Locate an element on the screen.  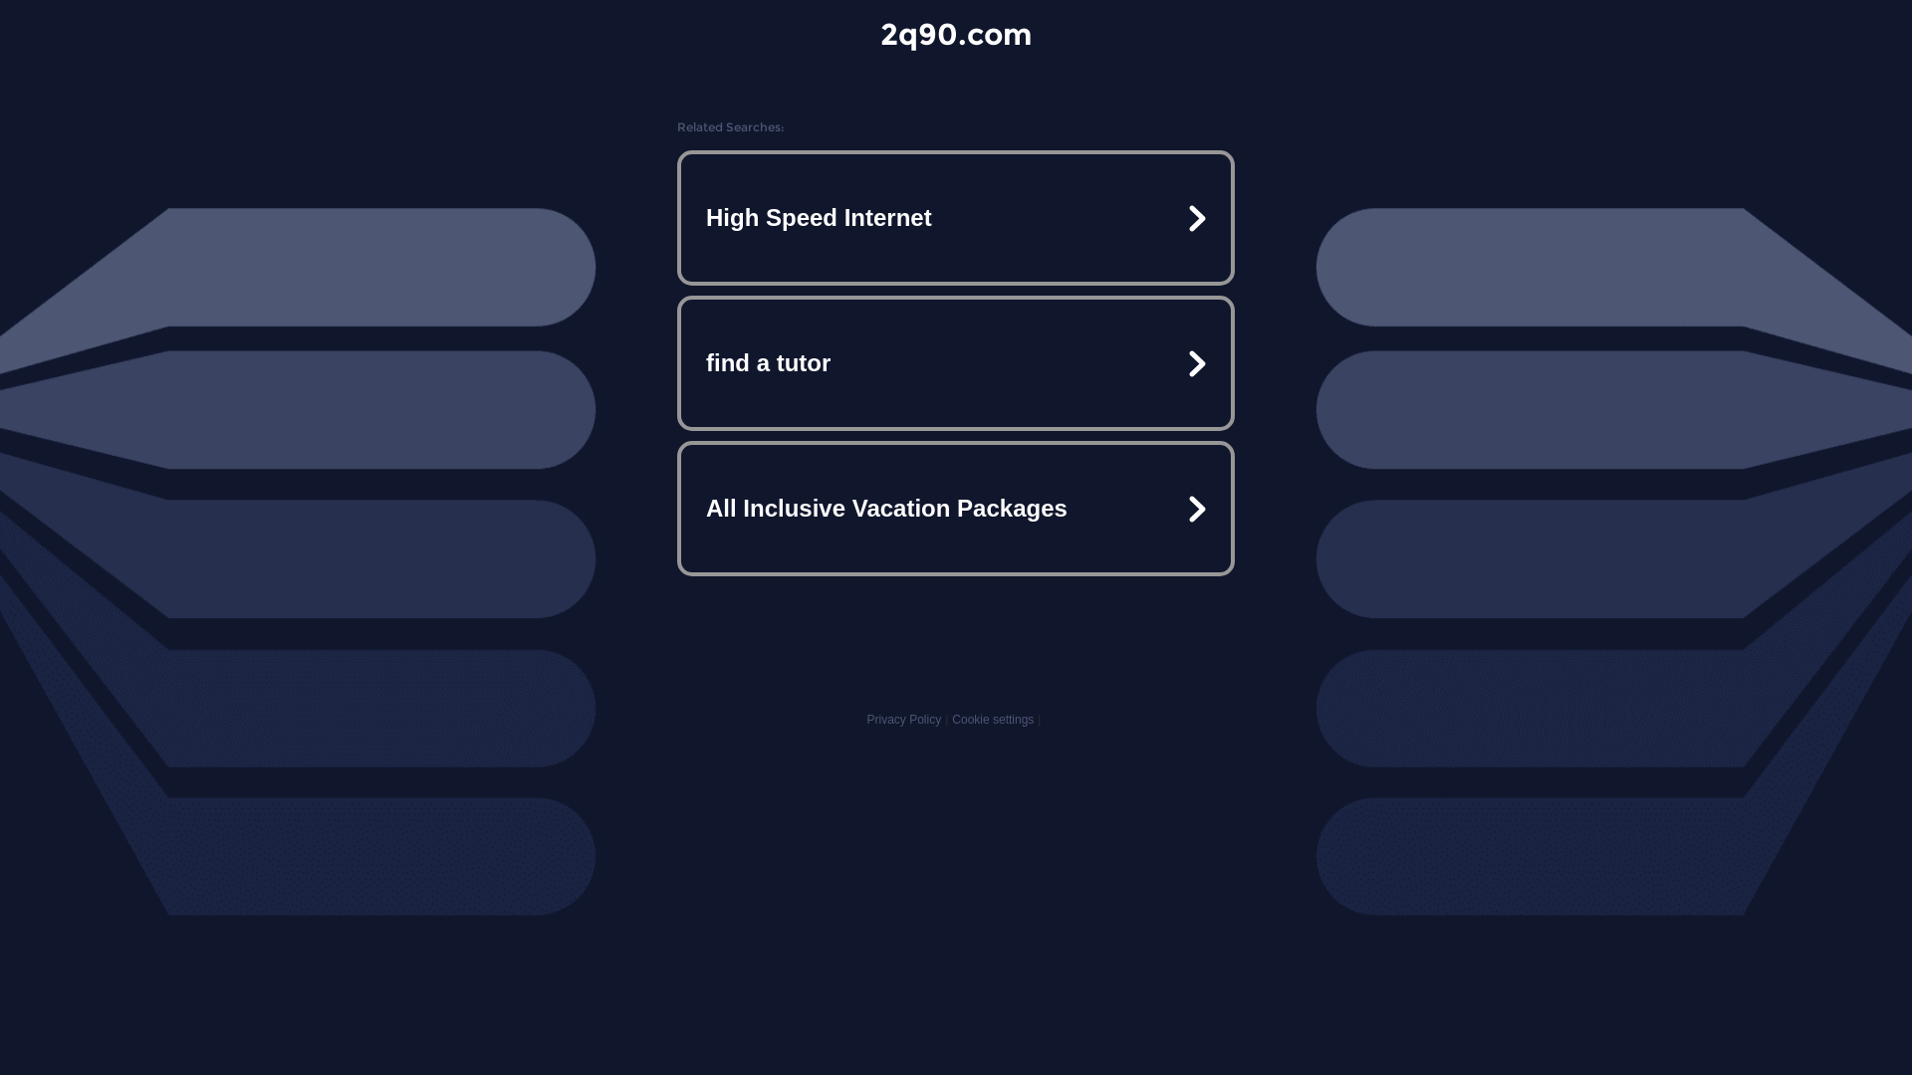
'All Inclusive Vacation Packages' is located at coordinates (956, 507).